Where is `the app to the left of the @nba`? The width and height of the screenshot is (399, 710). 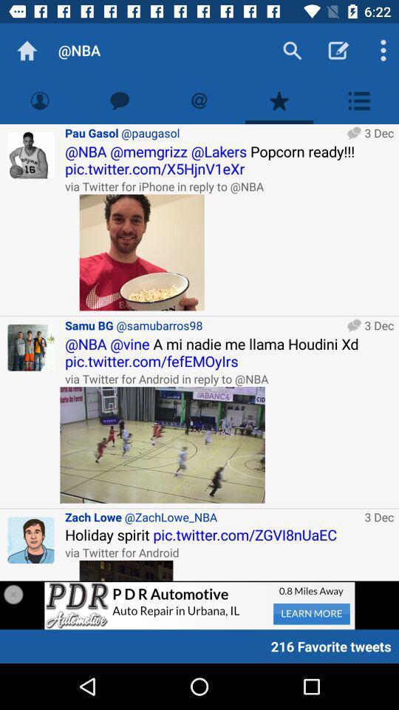
the app to the left of the @nba is located at coordinates (27, 50).